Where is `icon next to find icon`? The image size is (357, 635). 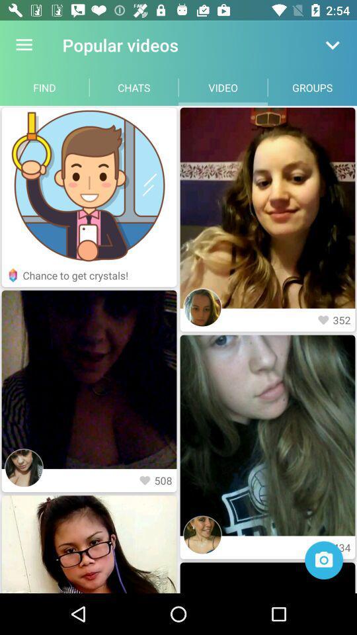
icon next to find icon is located at coordinates (134, 87).